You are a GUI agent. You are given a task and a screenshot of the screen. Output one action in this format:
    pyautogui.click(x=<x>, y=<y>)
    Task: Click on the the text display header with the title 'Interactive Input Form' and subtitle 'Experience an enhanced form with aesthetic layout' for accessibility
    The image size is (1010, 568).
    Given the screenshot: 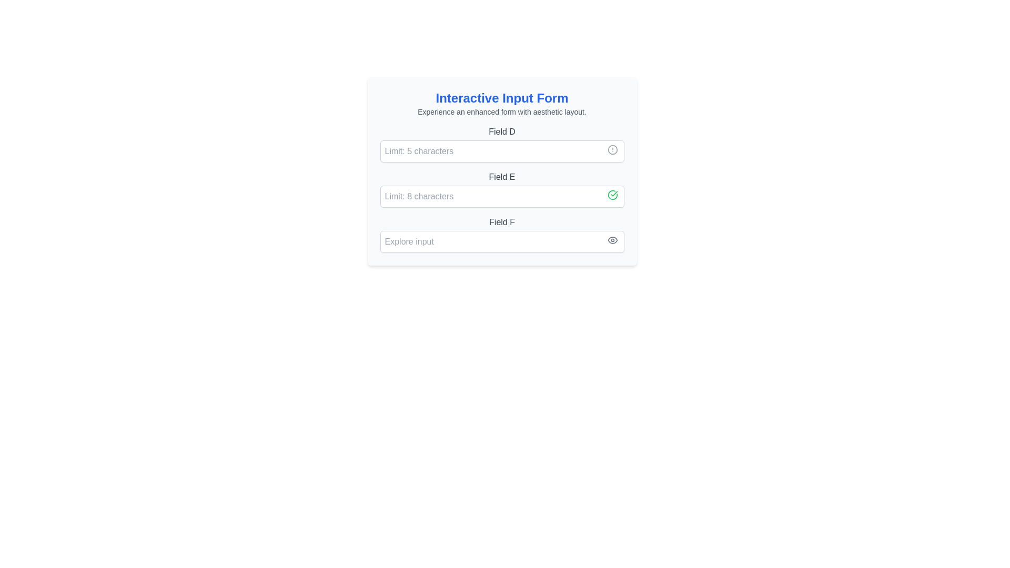 What is the action you would take?
    pyautogui.click(x=501, y=103)
    